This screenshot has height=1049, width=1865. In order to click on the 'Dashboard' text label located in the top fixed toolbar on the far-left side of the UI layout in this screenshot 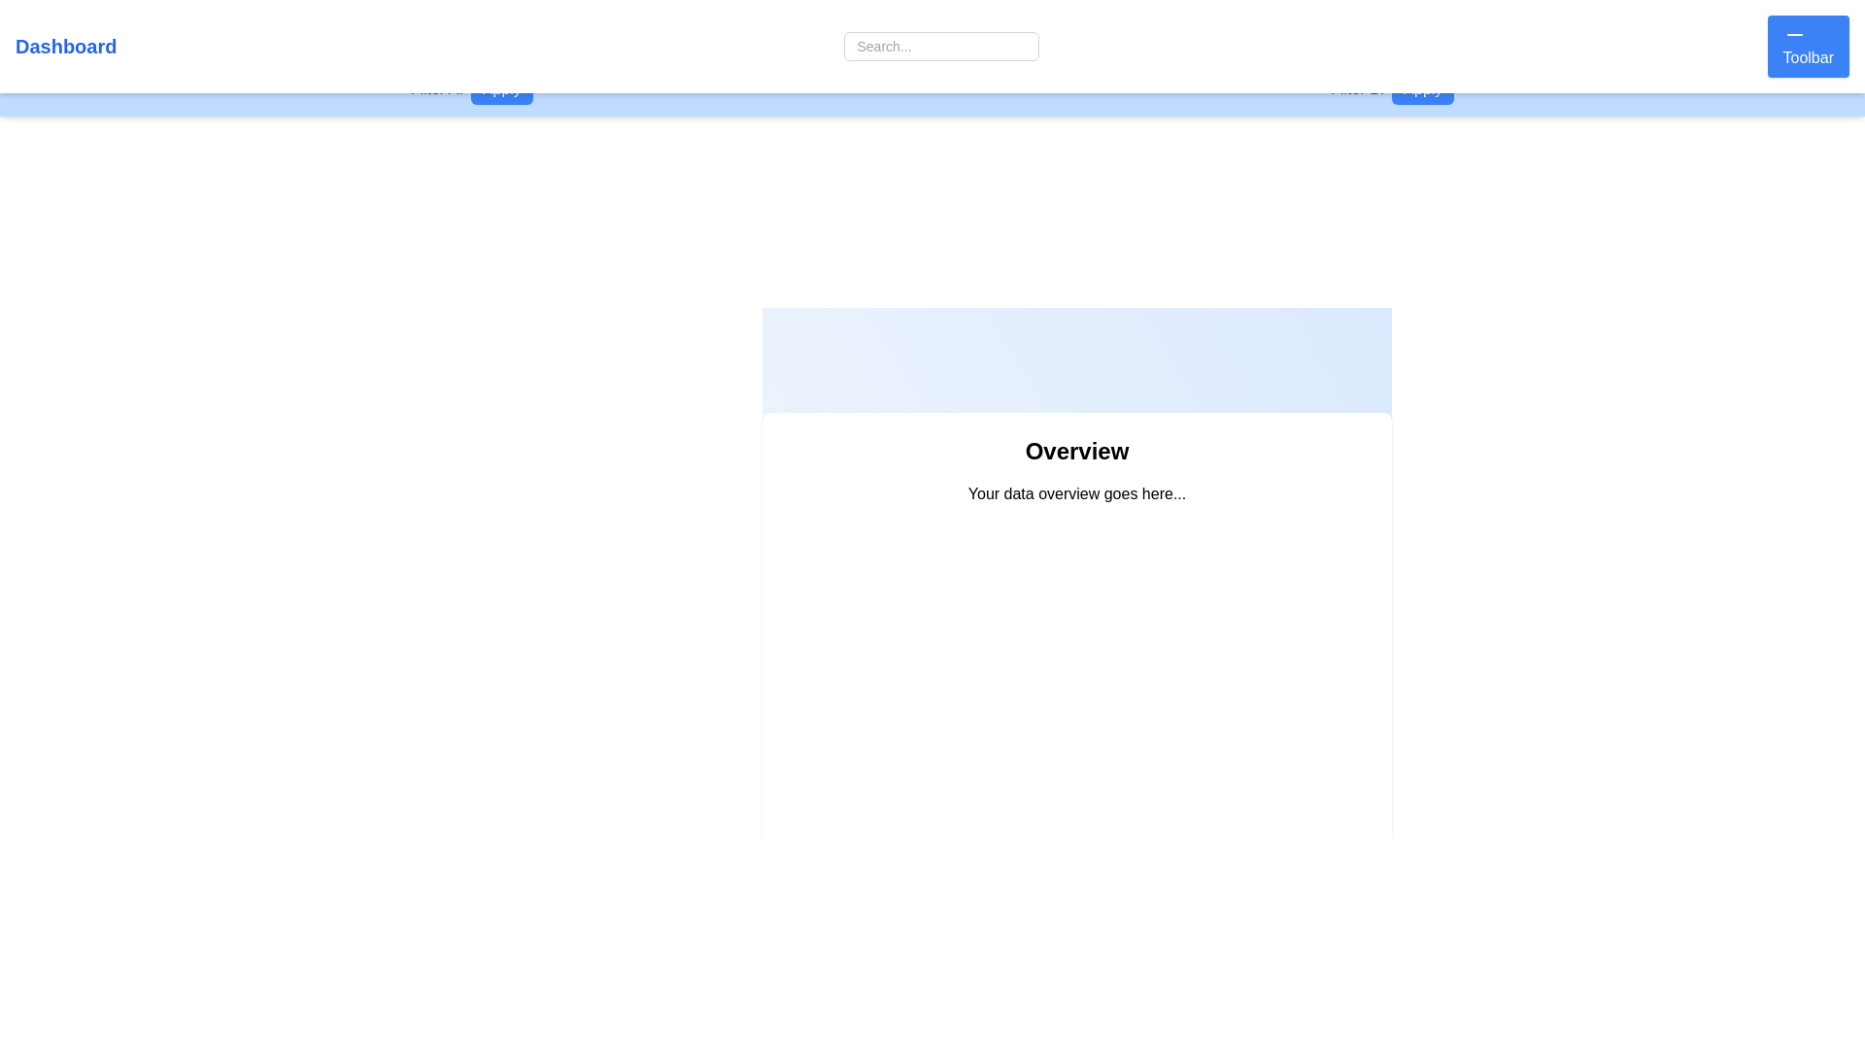, I will do `click(66, 45)`.